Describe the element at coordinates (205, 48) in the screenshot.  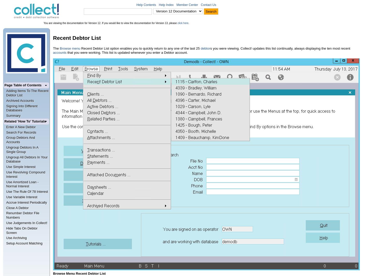
I see `'debtor'` at that location.